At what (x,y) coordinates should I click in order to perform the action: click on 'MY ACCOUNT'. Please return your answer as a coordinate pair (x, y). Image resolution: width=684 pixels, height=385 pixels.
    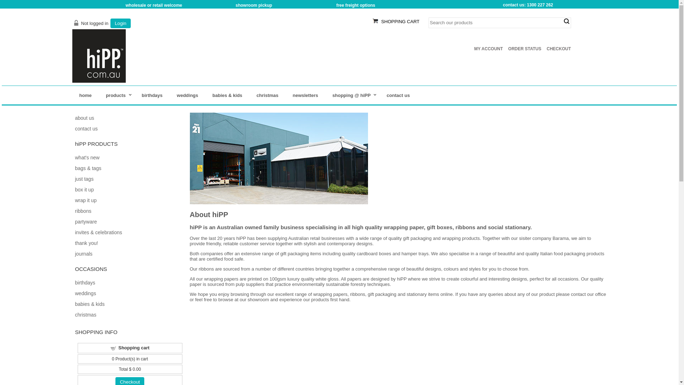
    Looking at the image, I should click on (488, 48).